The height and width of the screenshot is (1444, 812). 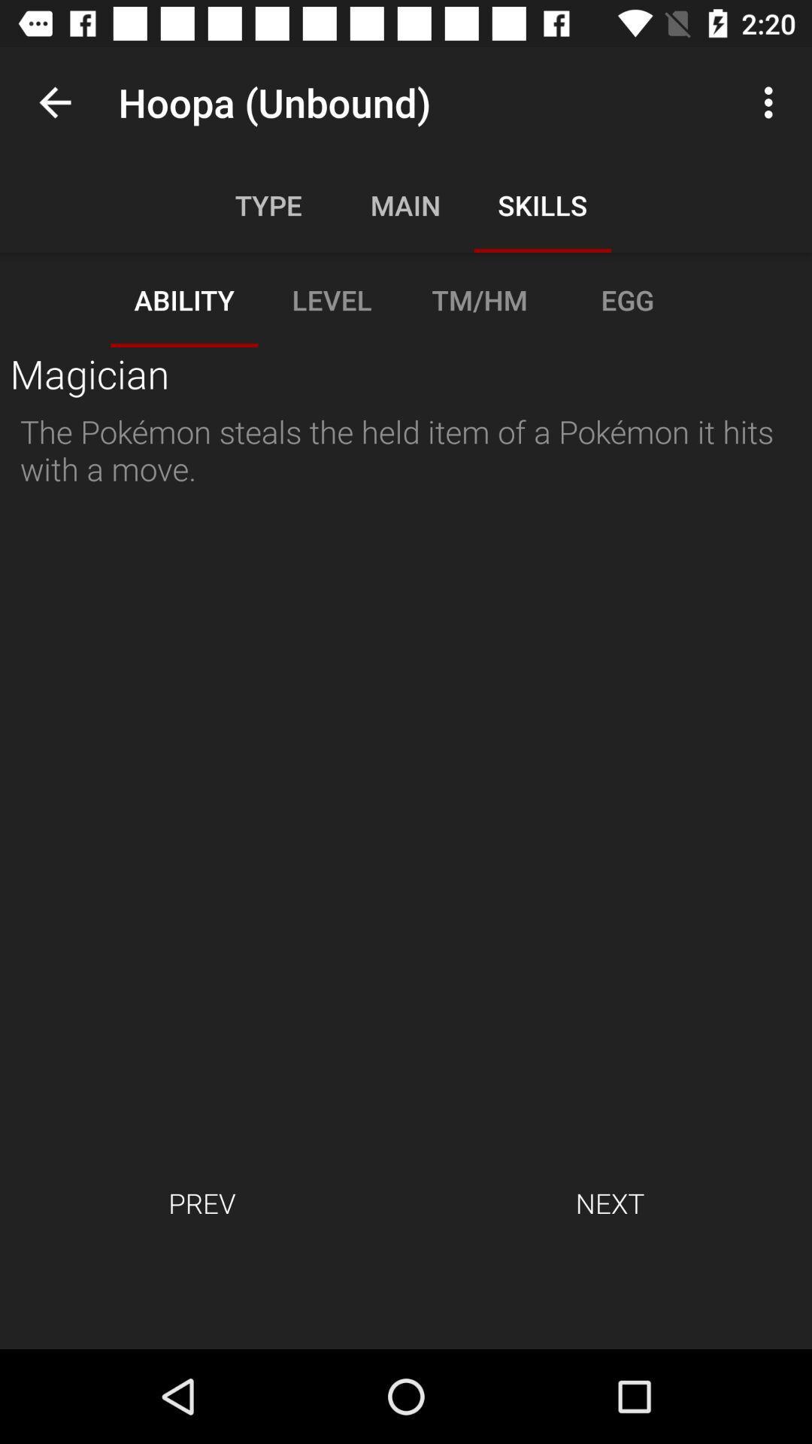 What do you see at coordinates (54, 102) in the screenshot?
I see `app next to the hoopa (unbound) app` at bounding box center [54, 102].